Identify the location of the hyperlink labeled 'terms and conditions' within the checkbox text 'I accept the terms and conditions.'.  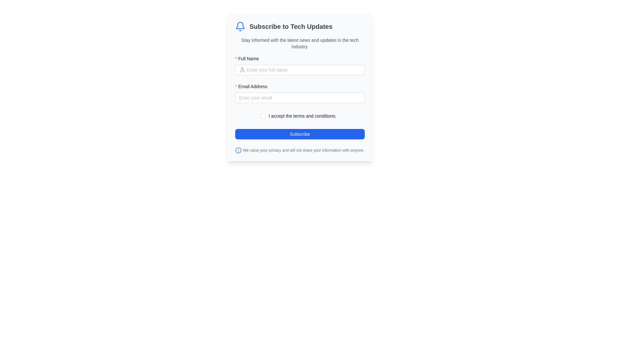
(300, 116).